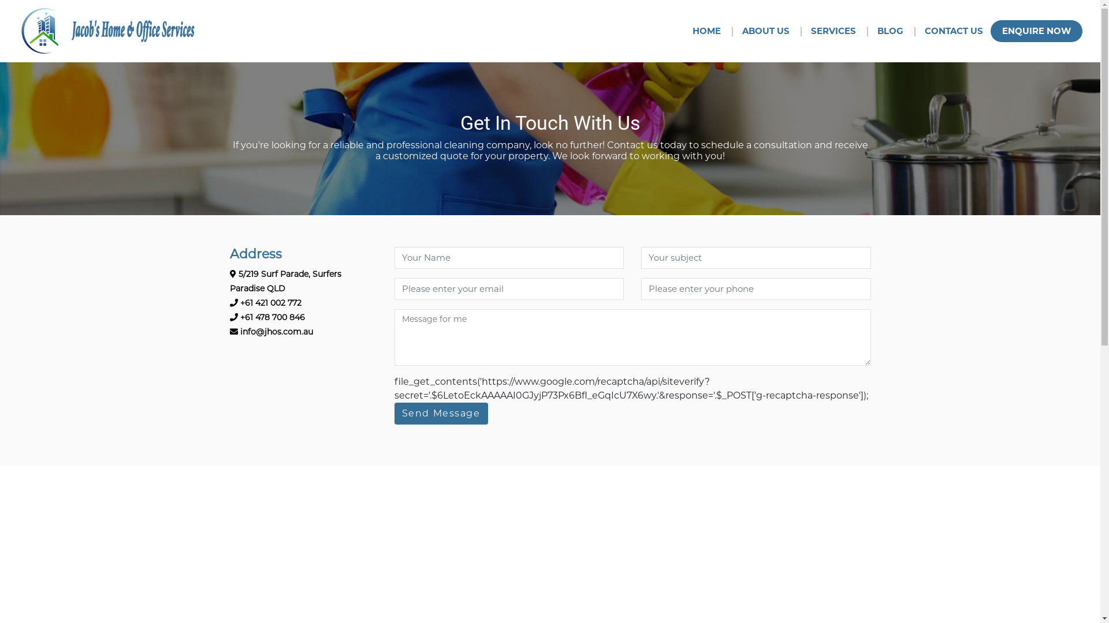 The image size is (1109, 623). Describe the element at coordinates (271, 331) in the screenshot. I see `'info@jhos.com.au'` at that location.